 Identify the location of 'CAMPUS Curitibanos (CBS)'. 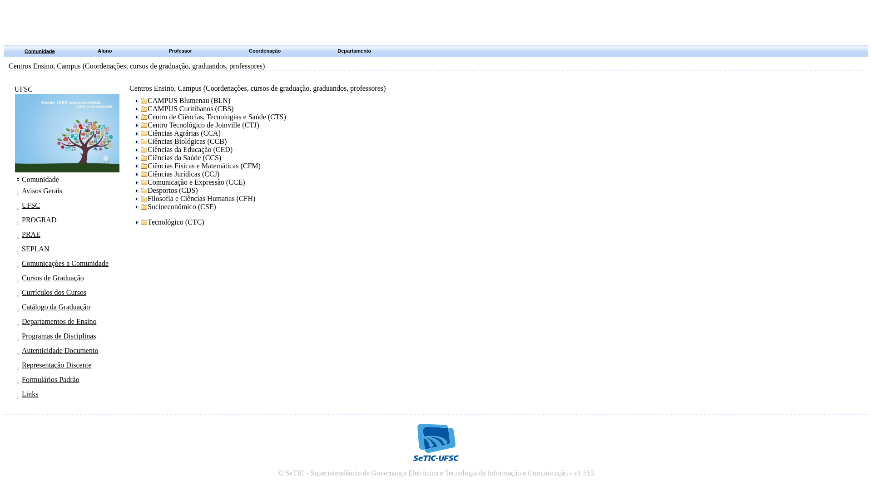
(132, 108).